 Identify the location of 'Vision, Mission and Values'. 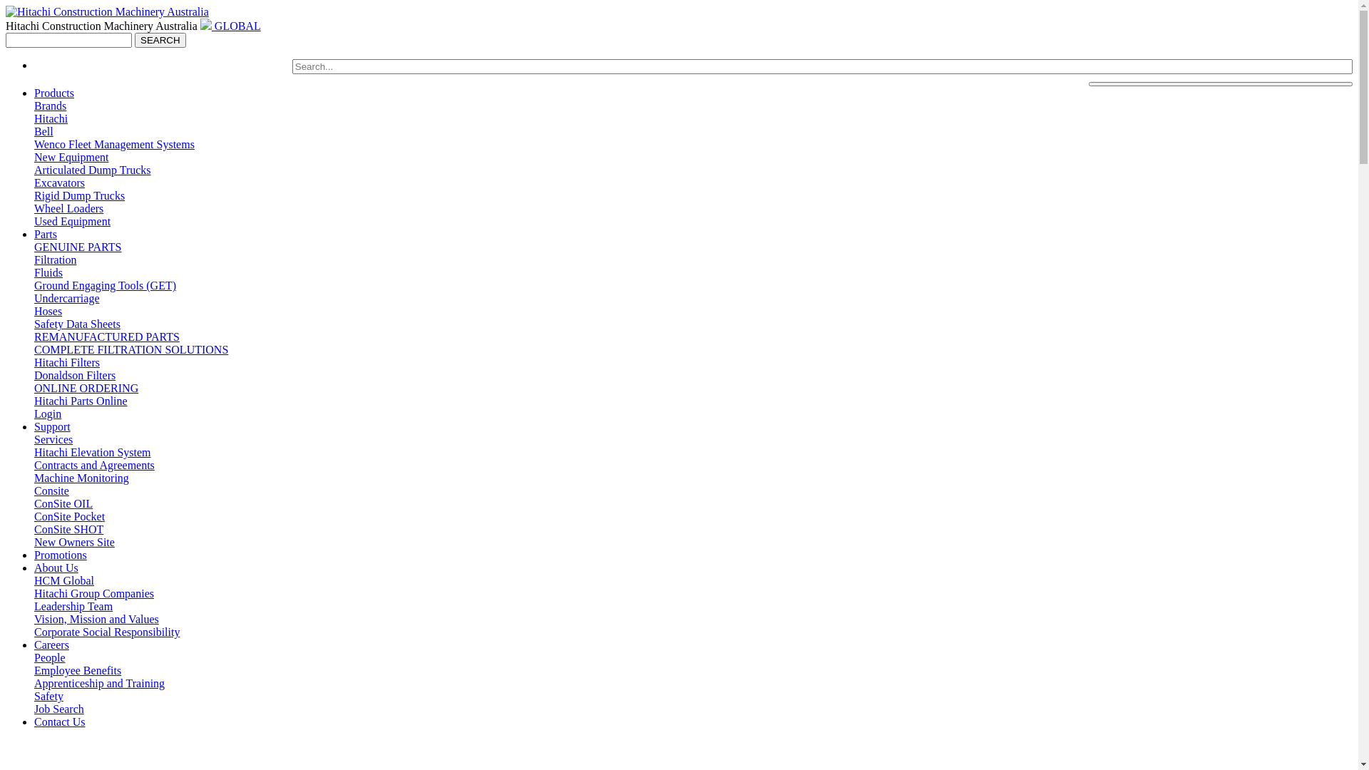
(96, 618).